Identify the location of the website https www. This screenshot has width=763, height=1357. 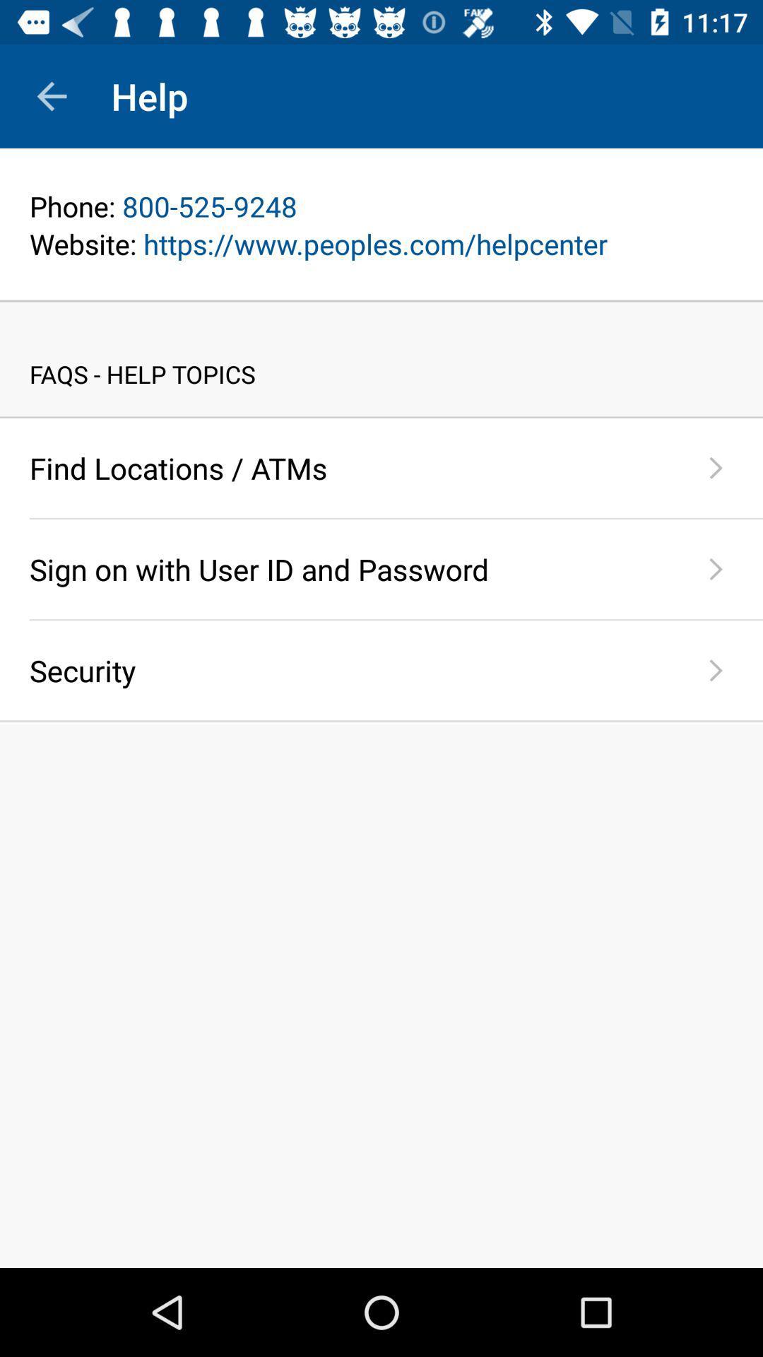
(381, 244).